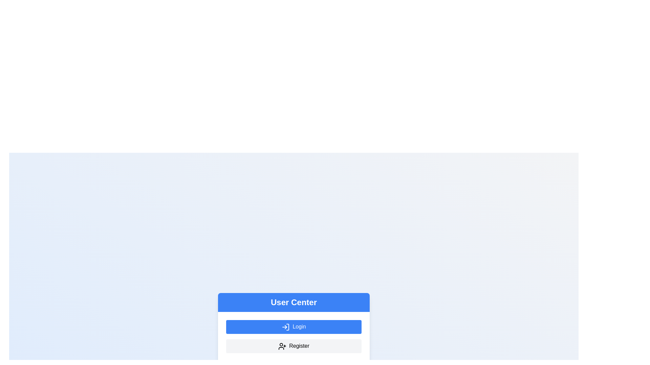 The height and width of the screenshot is (365, 650). Describe the element at coordinates (286, 327) in the screenshot. I see `the small blue and white outlined arrow icon indicating a log-in action` at that location.